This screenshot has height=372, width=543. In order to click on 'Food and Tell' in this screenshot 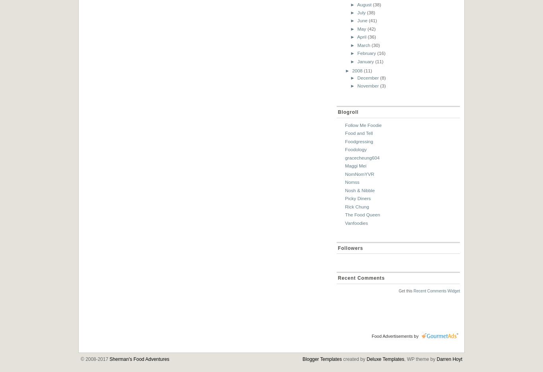, I will do `click(344, 133)`.